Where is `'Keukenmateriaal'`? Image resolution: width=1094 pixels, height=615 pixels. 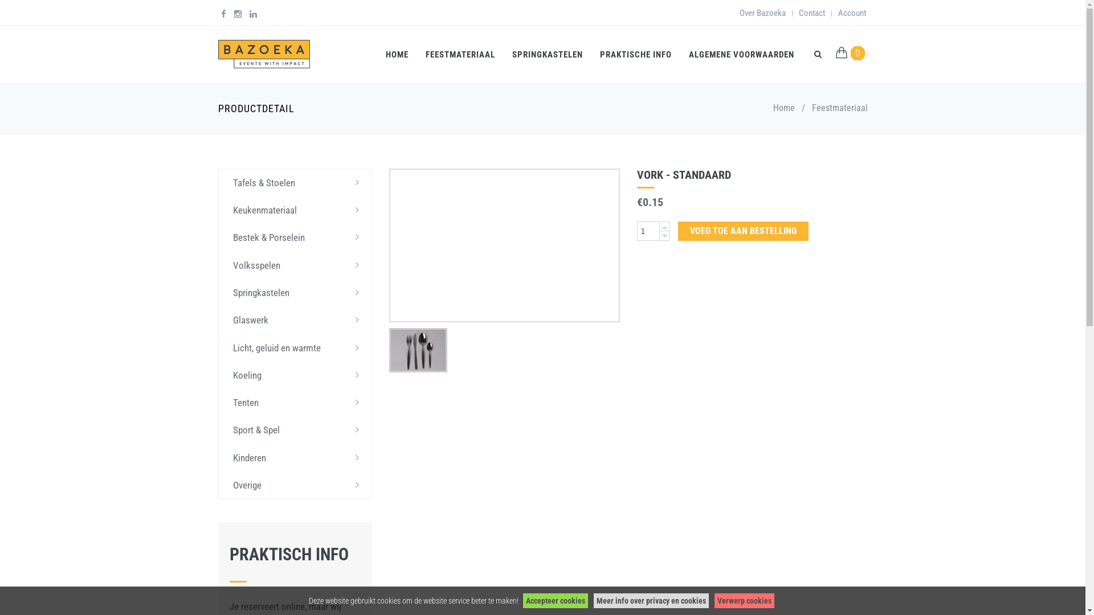
'Keukenmateriaal' is located at coordinates (295, 210).